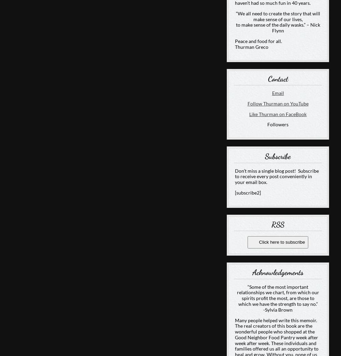 Image resolution: width=341 pixels, height=356 pixels. I want to click on 'Thurman Greco', so click(251, 46).